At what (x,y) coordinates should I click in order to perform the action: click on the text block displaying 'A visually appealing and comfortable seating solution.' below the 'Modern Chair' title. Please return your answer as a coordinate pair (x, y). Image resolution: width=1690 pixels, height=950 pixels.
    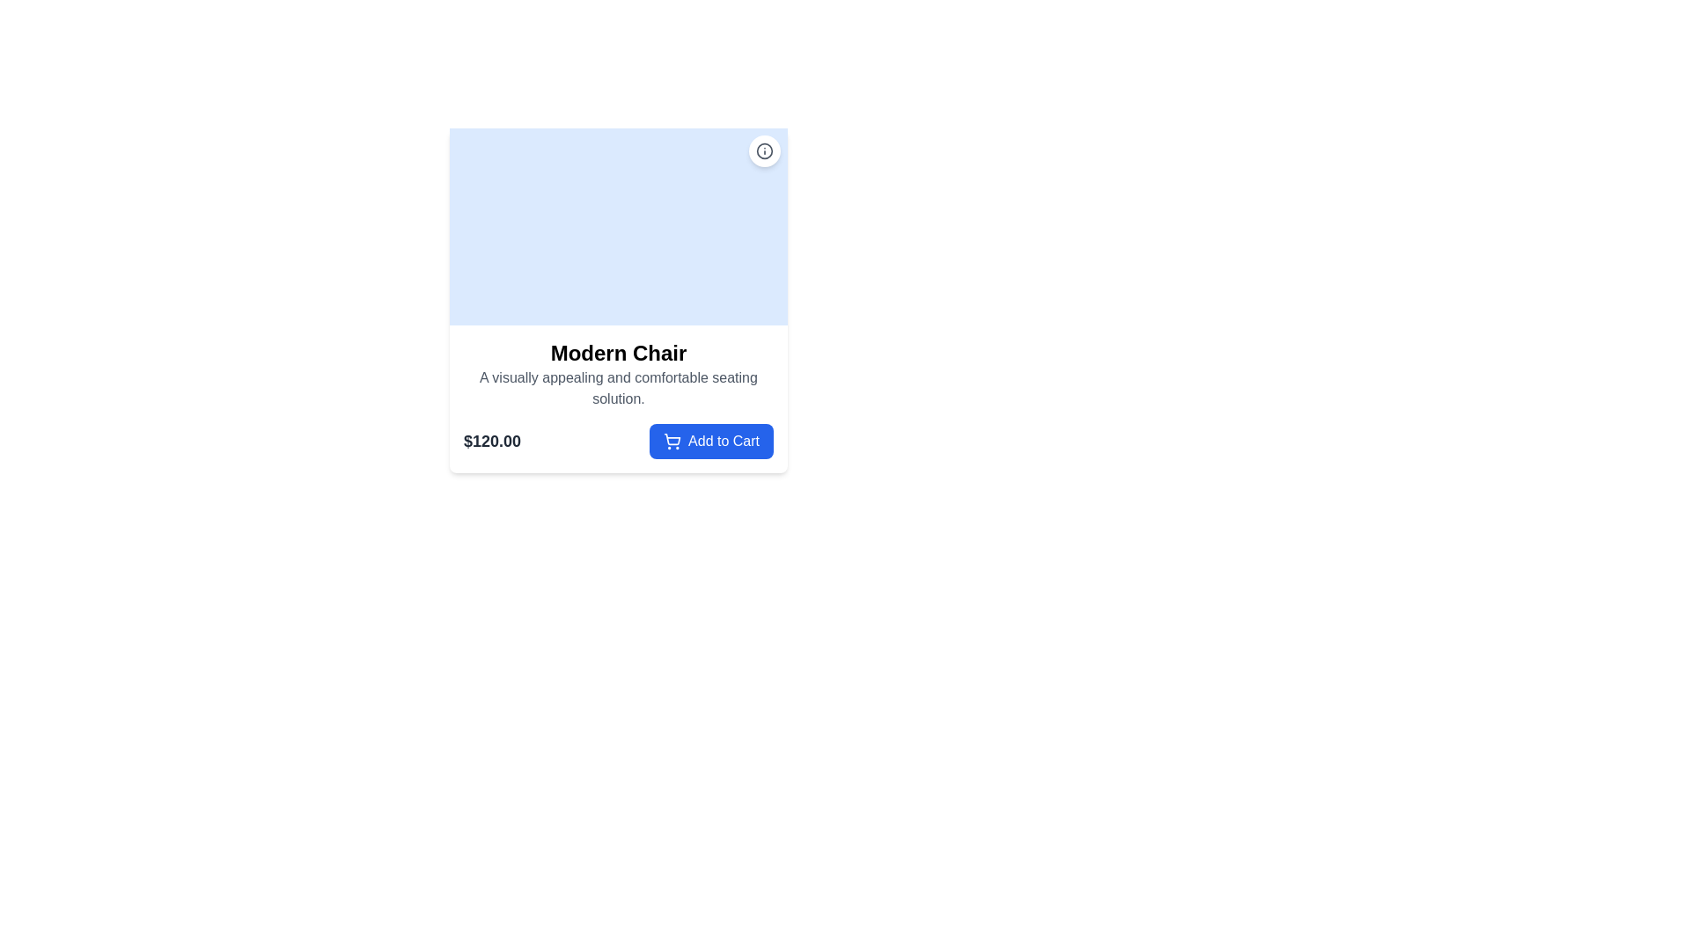
    Looking at the image, I should click on (618, 388).